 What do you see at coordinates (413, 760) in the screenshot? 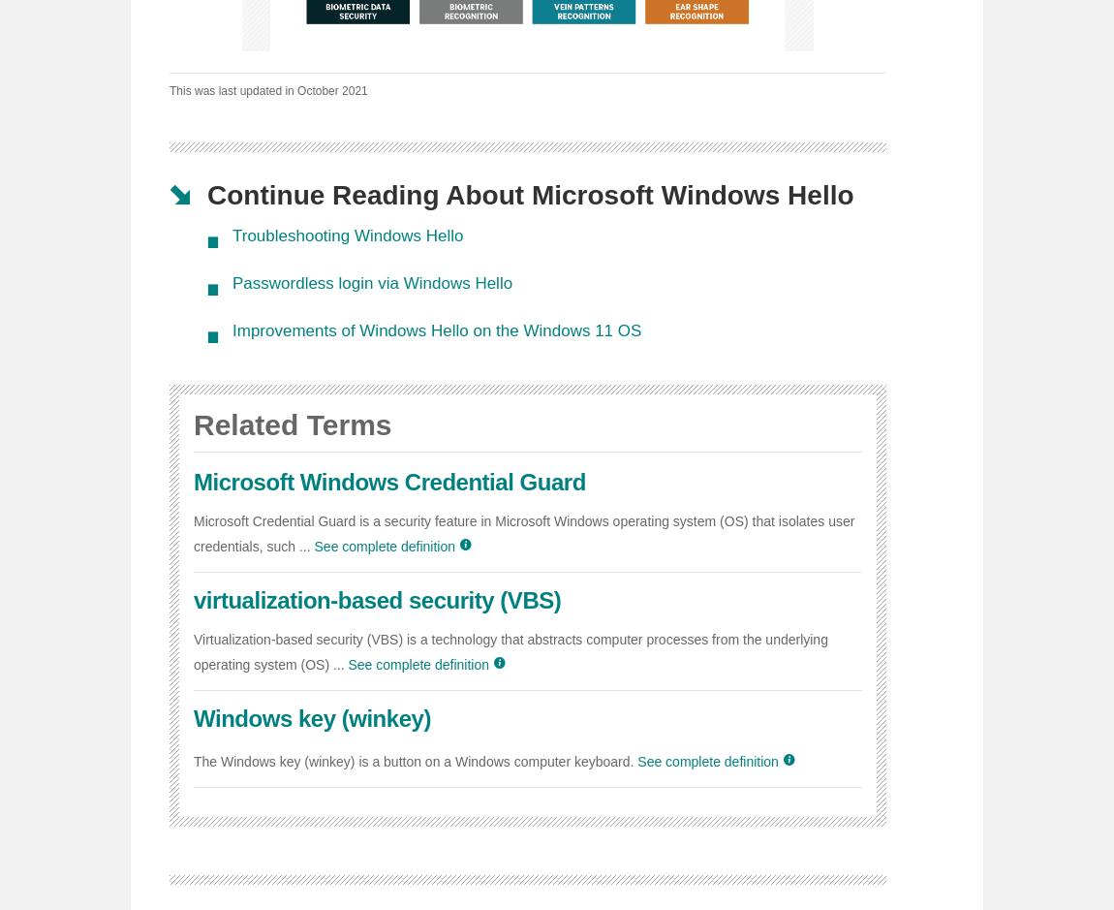
I see `'The Windows key (winkey) is a button on a Windows computer keyboard.'` at bounding box center [413, 760].